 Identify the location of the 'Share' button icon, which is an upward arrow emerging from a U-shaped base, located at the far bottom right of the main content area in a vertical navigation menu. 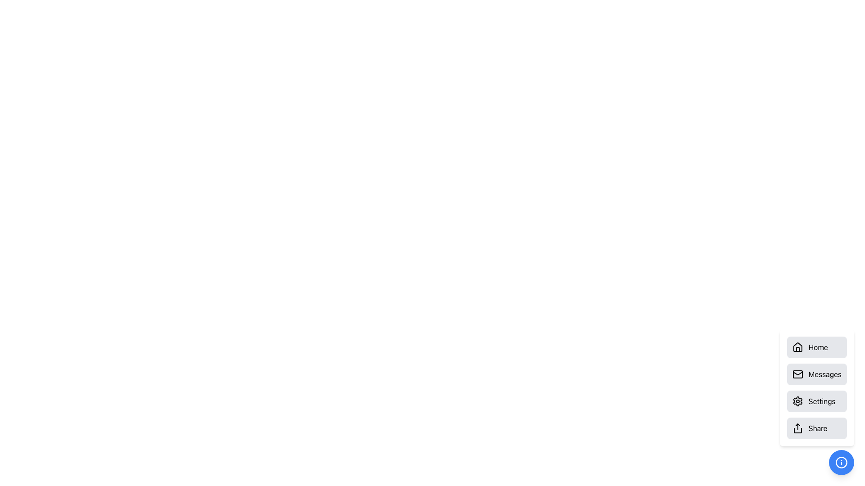
(797, 428).